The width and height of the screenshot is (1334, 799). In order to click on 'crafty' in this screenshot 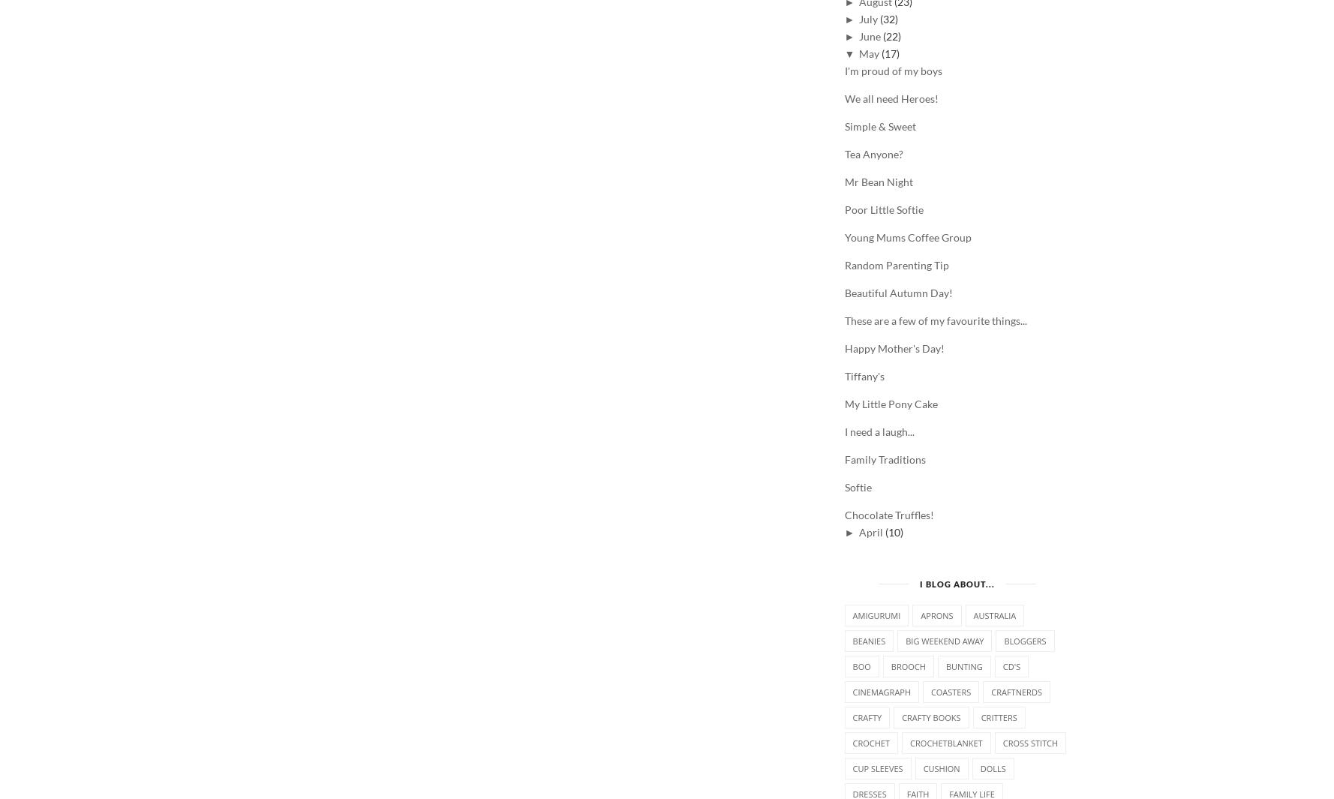, I will do `click(867, 717)`.